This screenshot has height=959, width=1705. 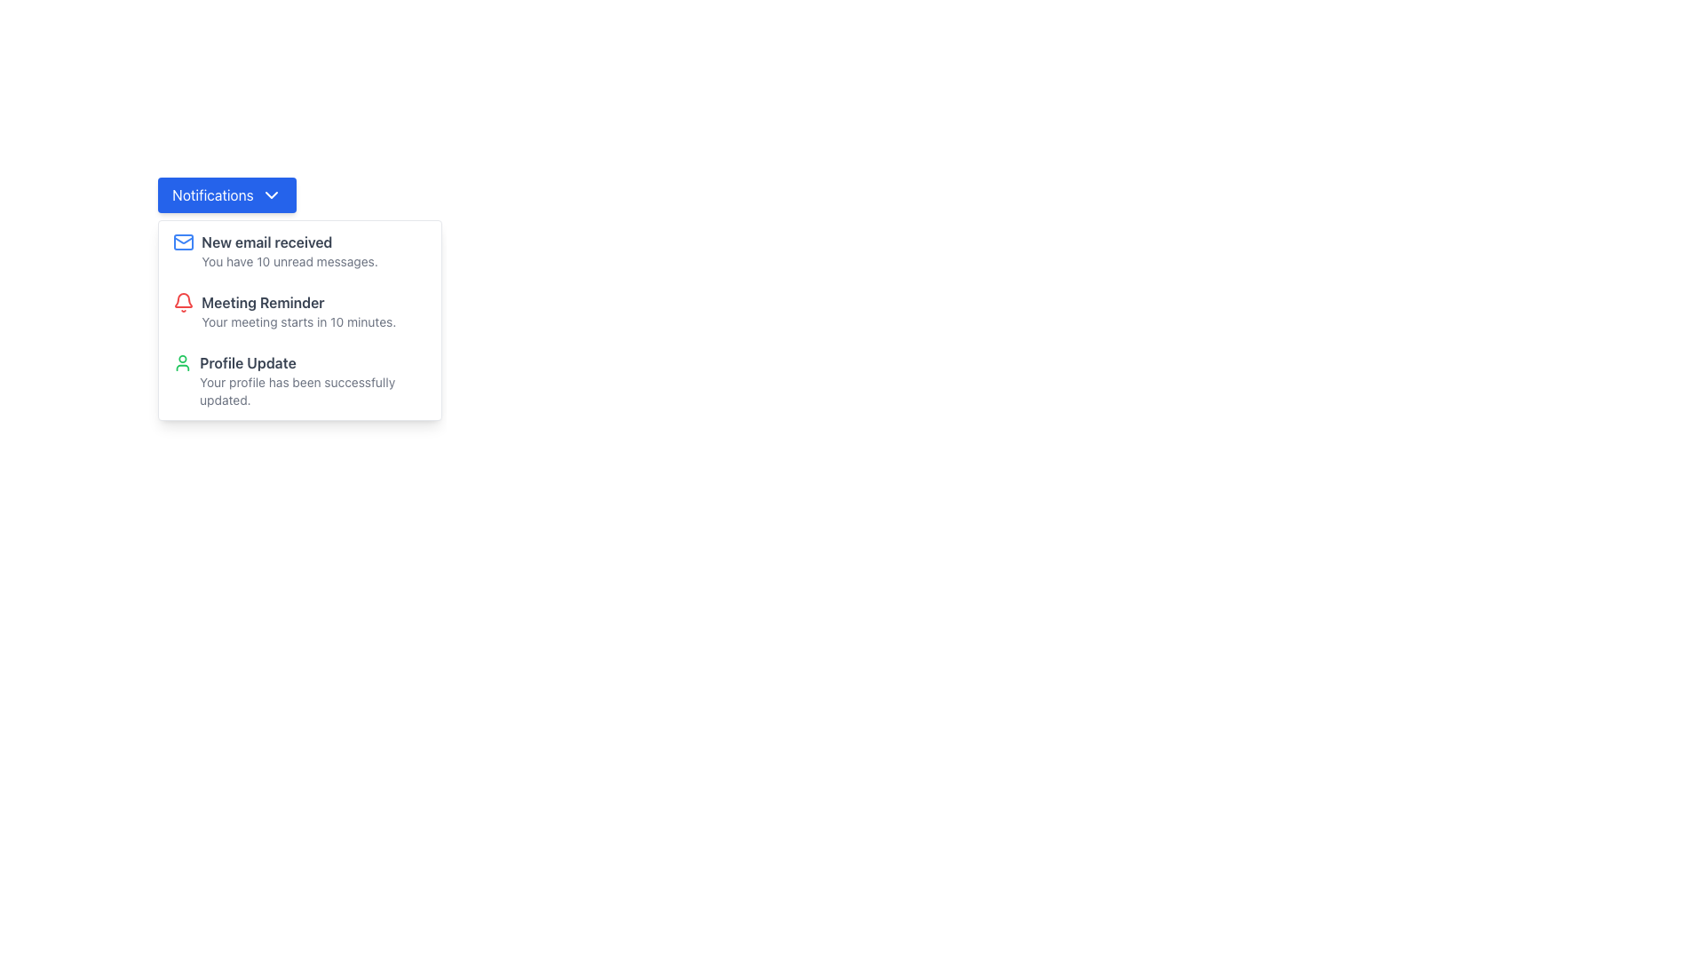 What do you see at coordinates (270, 194) in the screenshot?
I see `the downward-pointing chevron icon located at the right side of the blue 'Notifications' button` at bounding box center [270, 194].